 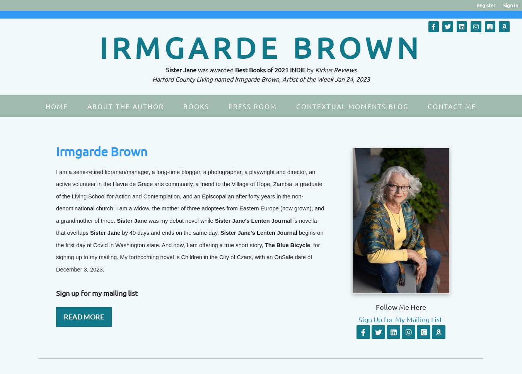 I want to click on 'by 40 days and ends on the same day.', so click(x=121, y=232).